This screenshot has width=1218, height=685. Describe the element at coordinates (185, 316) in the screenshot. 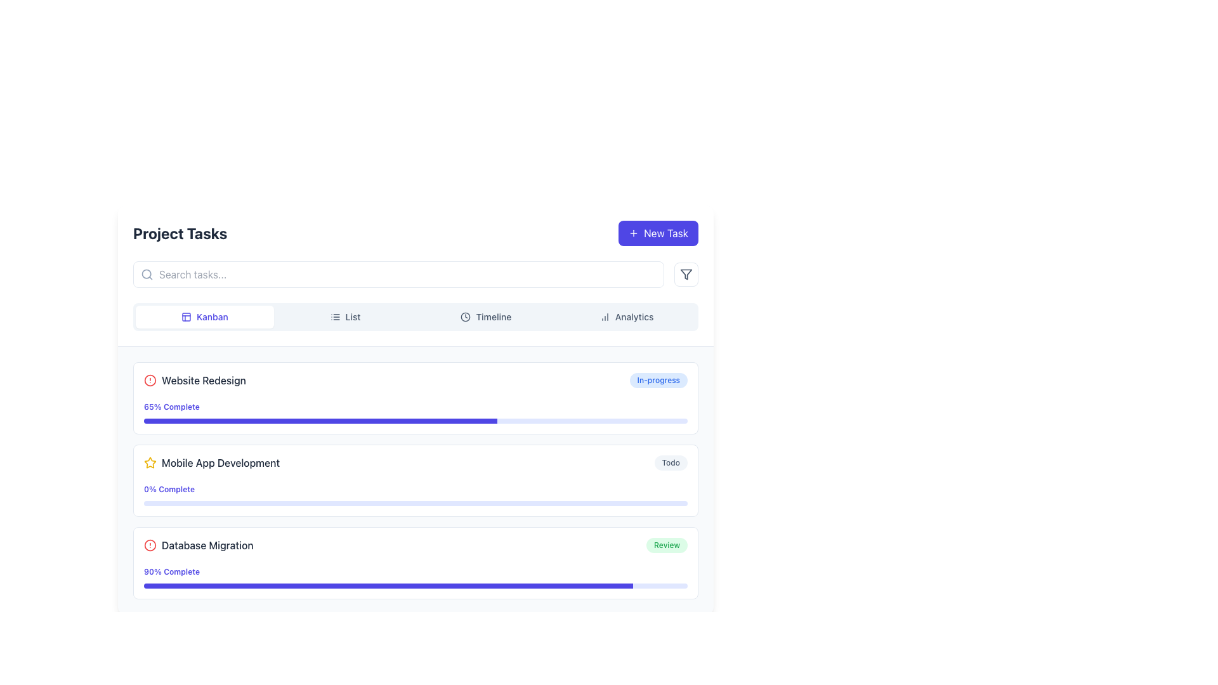

I see `the graphical icon segment that represents a part of an icon used for navigation in the application interface` at that location.